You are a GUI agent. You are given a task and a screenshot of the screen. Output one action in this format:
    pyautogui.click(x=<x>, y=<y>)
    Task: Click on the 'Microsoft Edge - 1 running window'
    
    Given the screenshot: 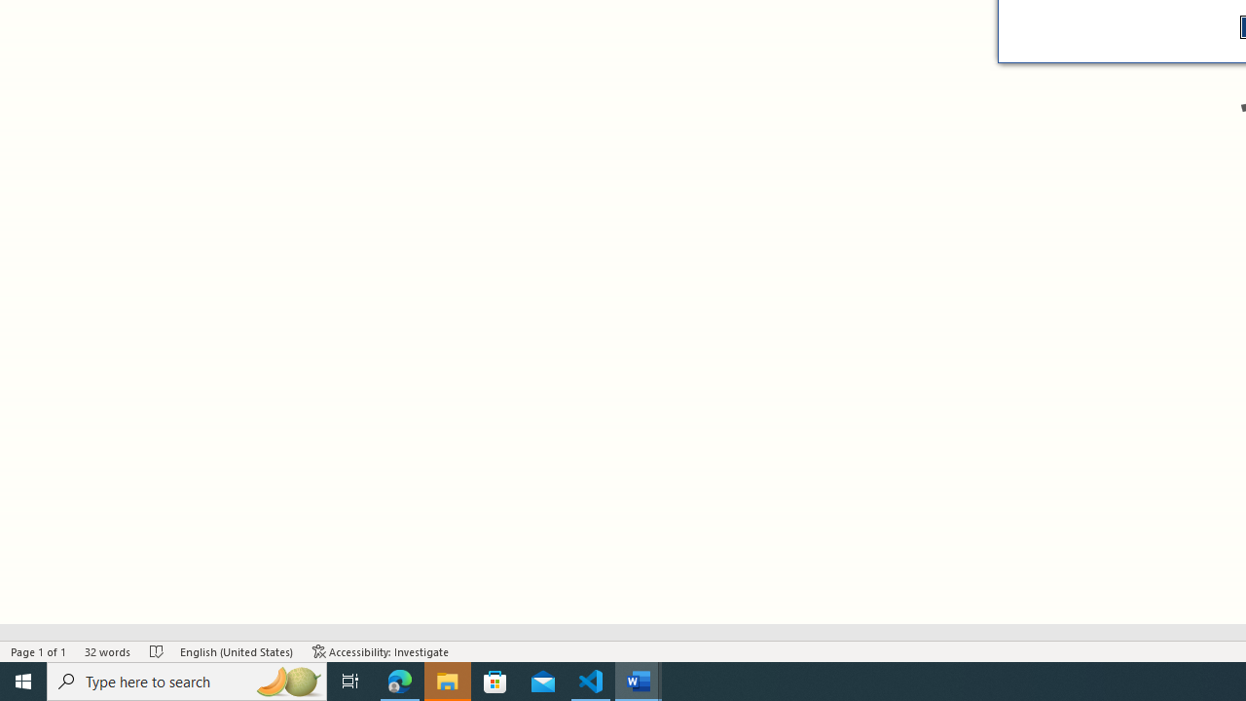 What is the action you would take?
    pyautogui.click(x=399, y=680)
    